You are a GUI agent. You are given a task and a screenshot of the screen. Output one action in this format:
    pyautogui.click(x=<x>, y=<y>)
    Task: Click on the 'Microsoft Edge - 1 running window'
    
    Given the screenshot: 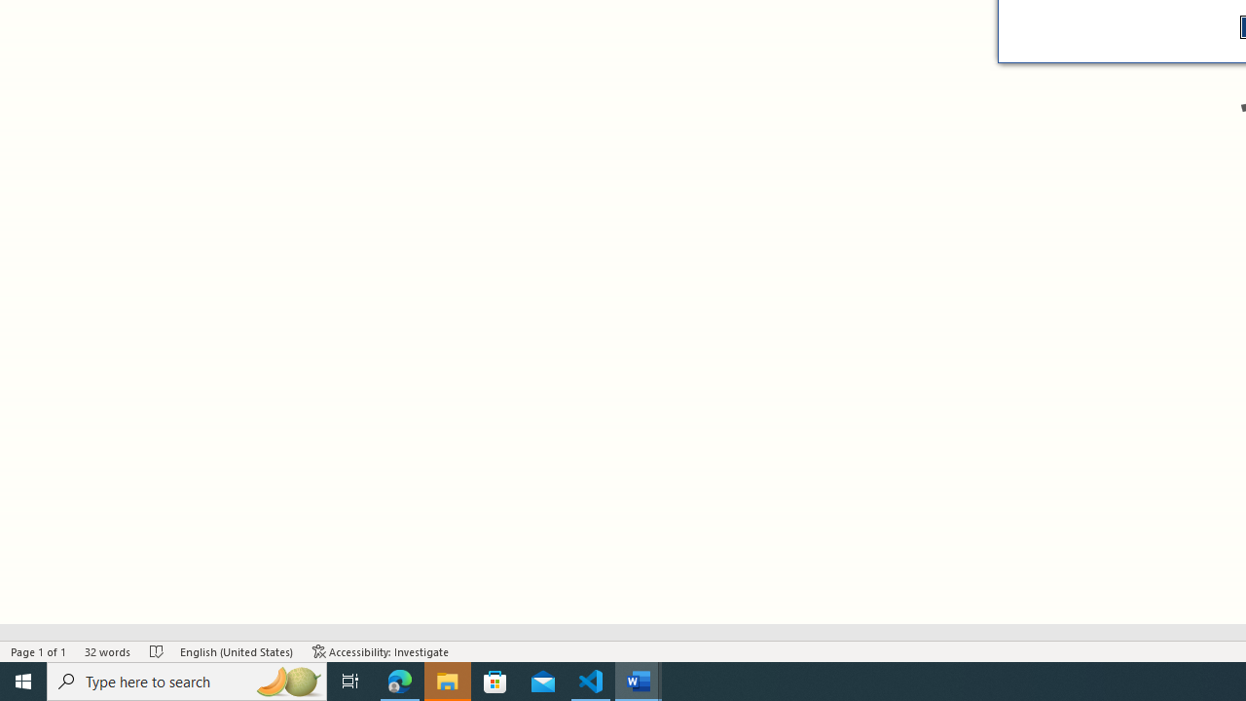 What is the action you would take?
    pyautogui.click(x=399, y=680)
    